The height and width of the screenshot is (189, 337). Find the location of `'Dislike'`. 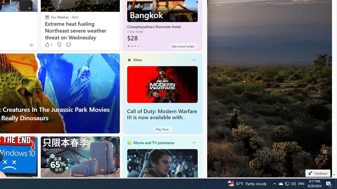

'Dislike' is located at coordinates (59, 44).